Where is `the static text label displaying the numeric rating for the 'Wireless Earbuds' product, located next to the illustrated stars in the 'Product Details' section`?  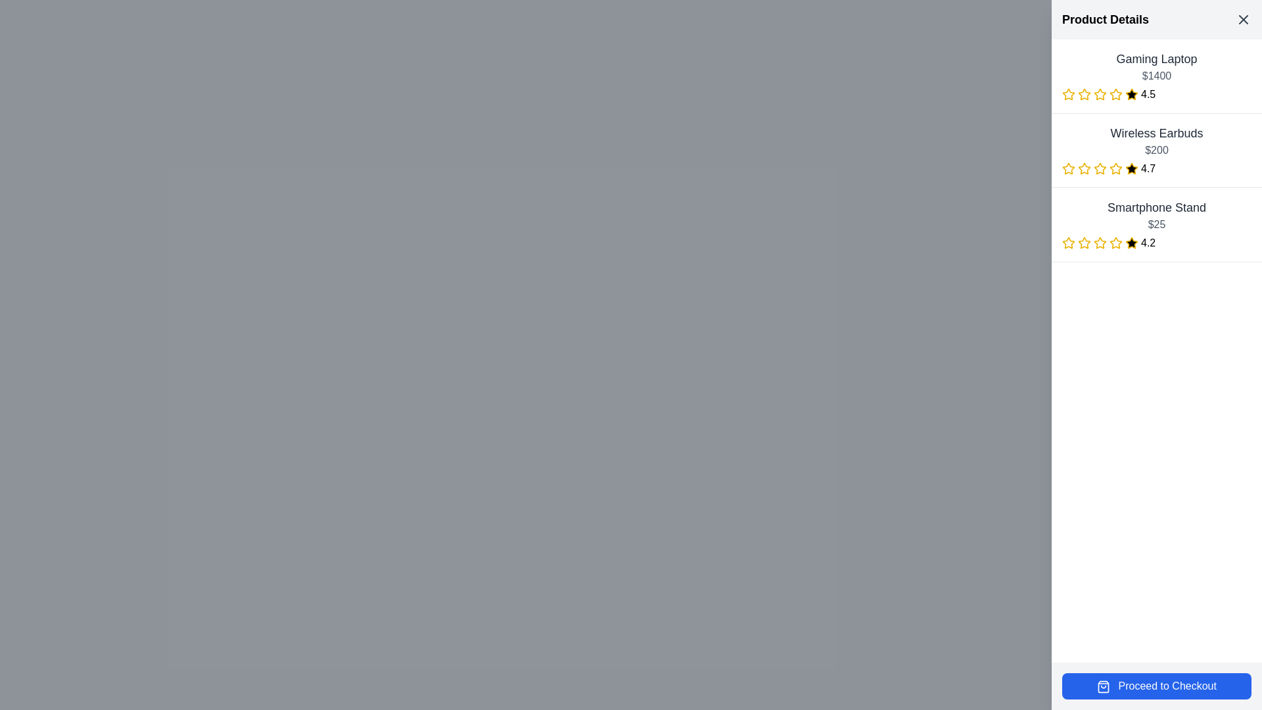 the static text label displaying the numeric rating for the 'Wireless Earbuds' product, located next to the illustrated stars in the 'Product Details' section is located at coordinates (1148, 168).